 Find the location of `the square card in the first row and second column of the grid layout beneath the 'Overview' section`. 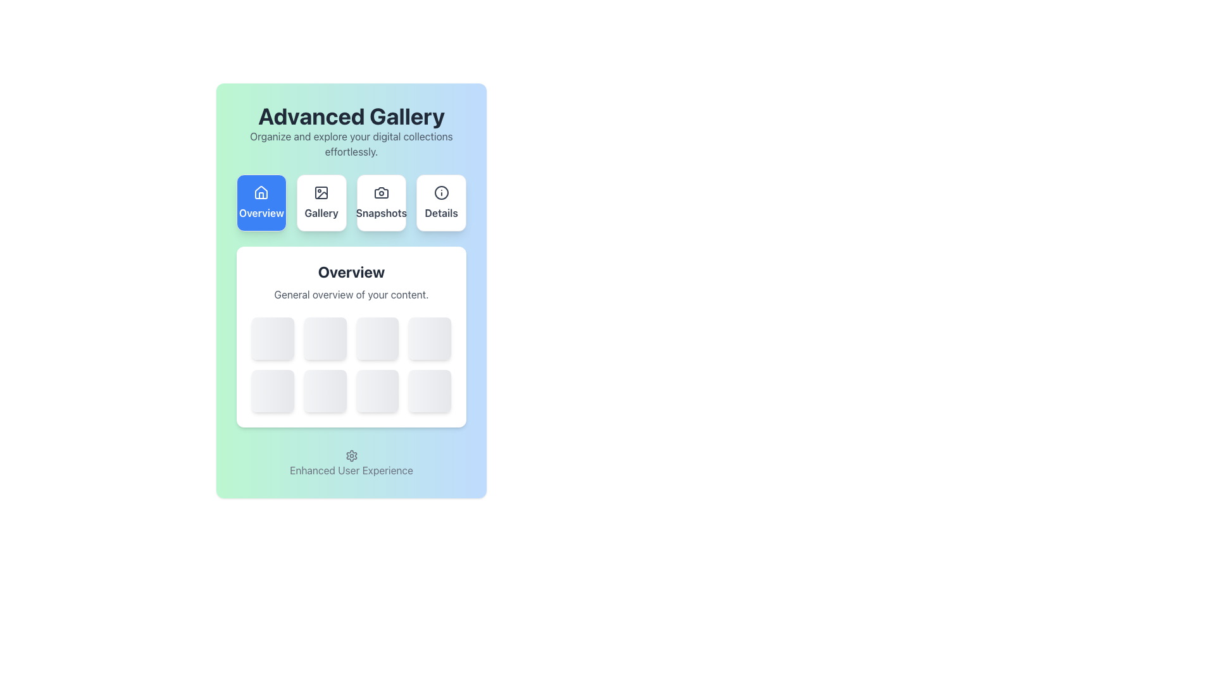

the square card in the first row and second column of the grid layout beneath the 'Overview' section is located at coordinates (325, 338).